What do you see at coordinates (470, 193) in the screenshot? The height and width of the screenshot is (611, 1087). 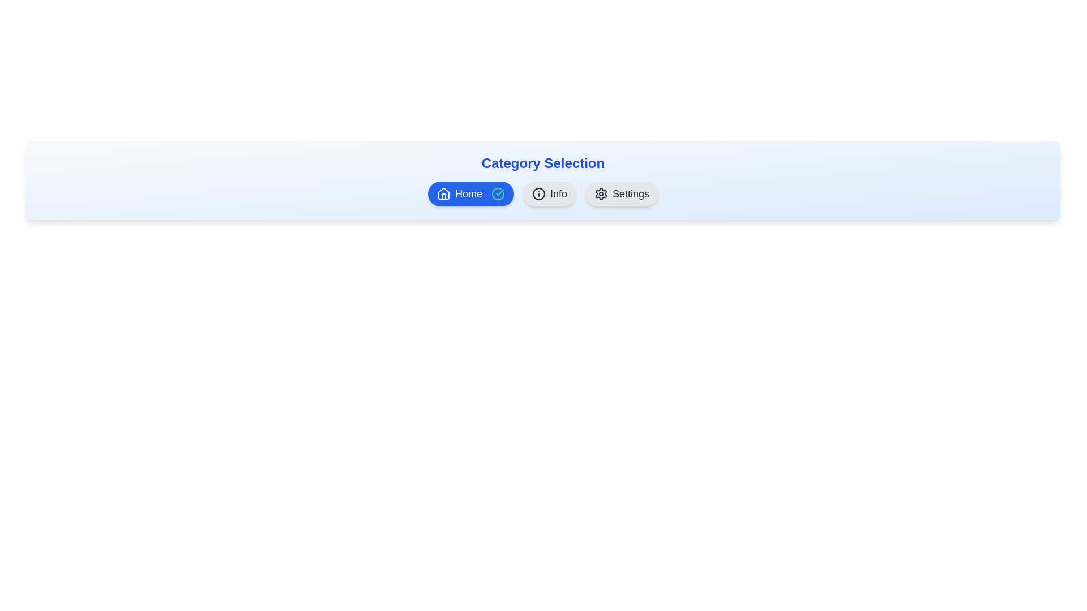 I see `the 'Home' category chip to toggle its state` at bounding box center [470, 193].